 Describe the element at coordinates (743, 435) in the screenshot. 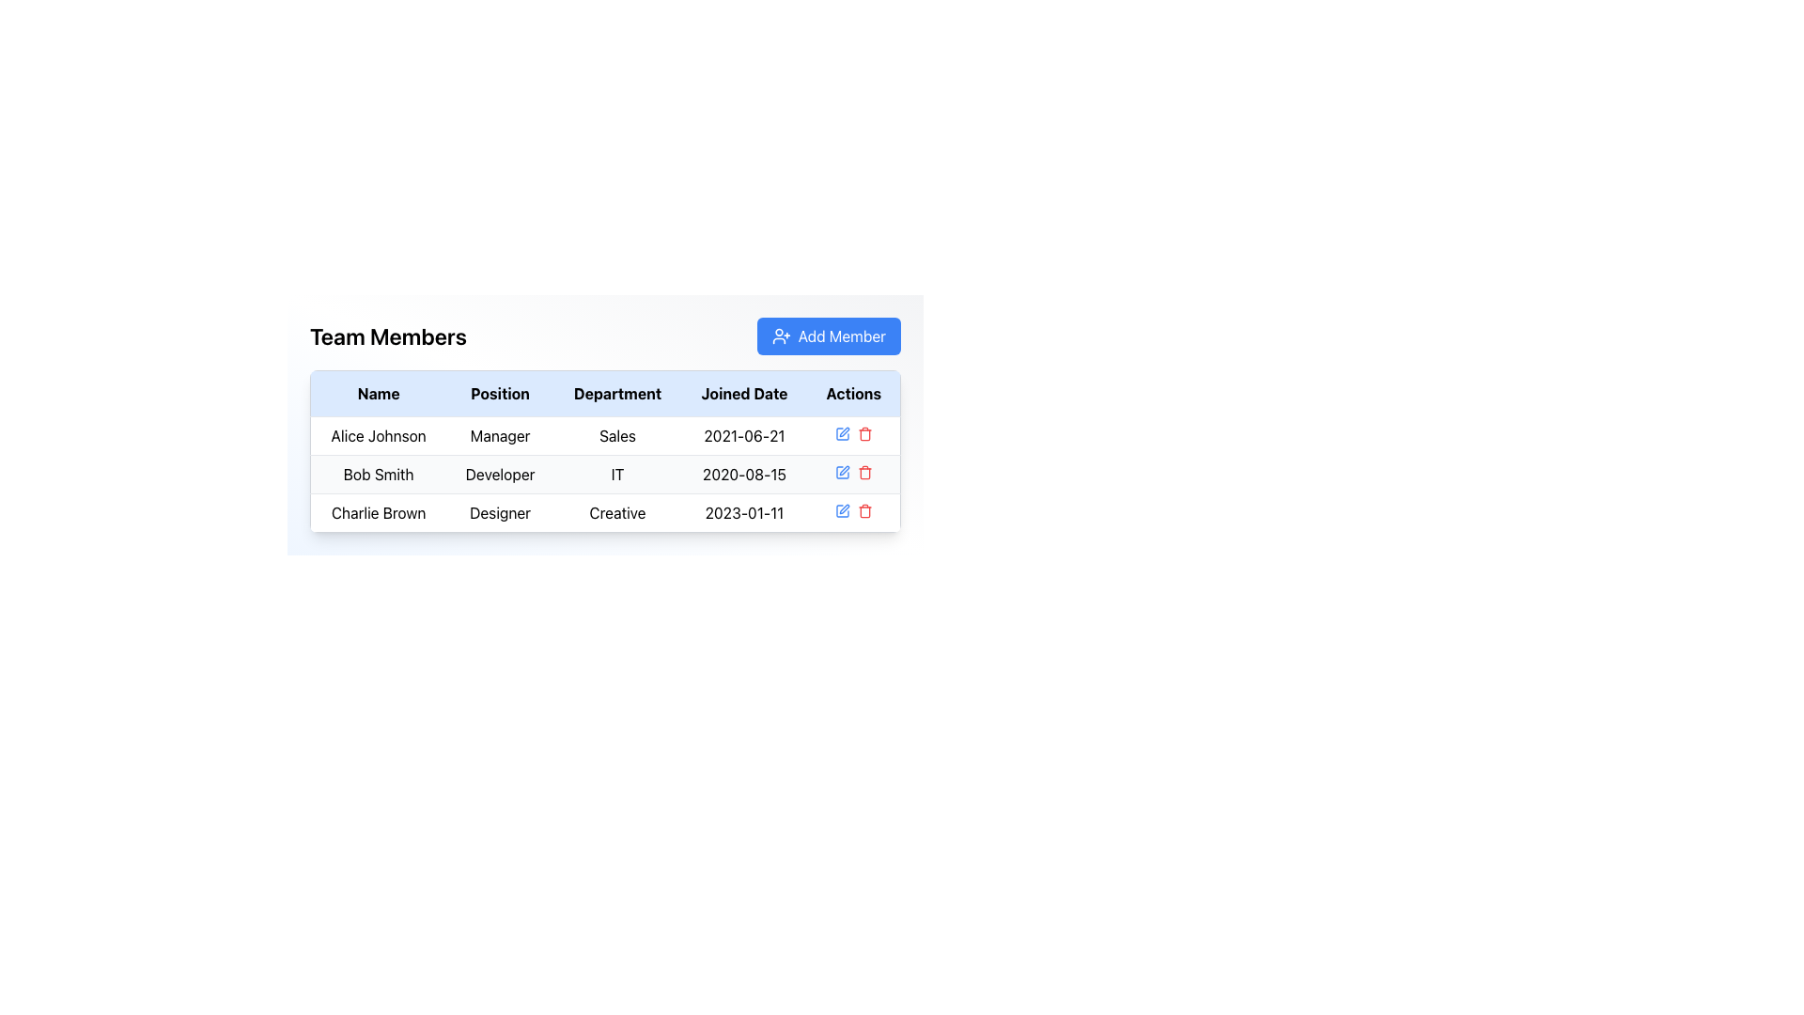

I see `the 'Joined Date' text element for 'Alice Johnson', located in the fourth column of the first row of the table` at that location.